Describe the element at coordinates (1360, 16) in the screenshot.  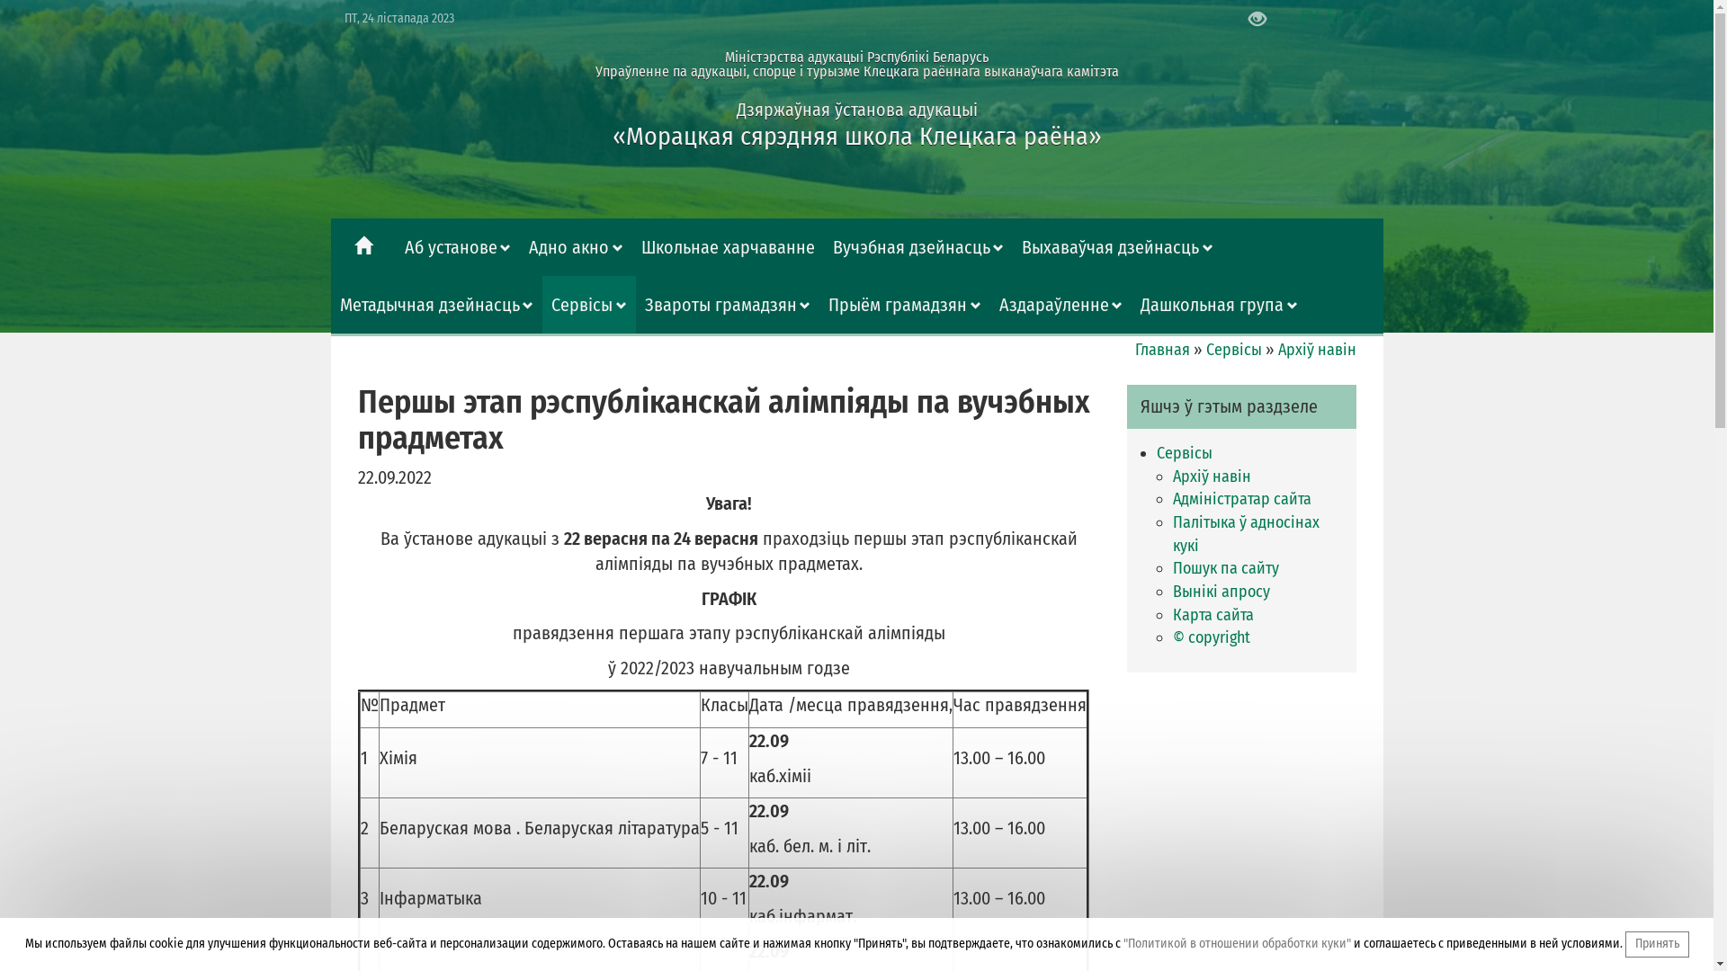
I see `'EN'` at that location.